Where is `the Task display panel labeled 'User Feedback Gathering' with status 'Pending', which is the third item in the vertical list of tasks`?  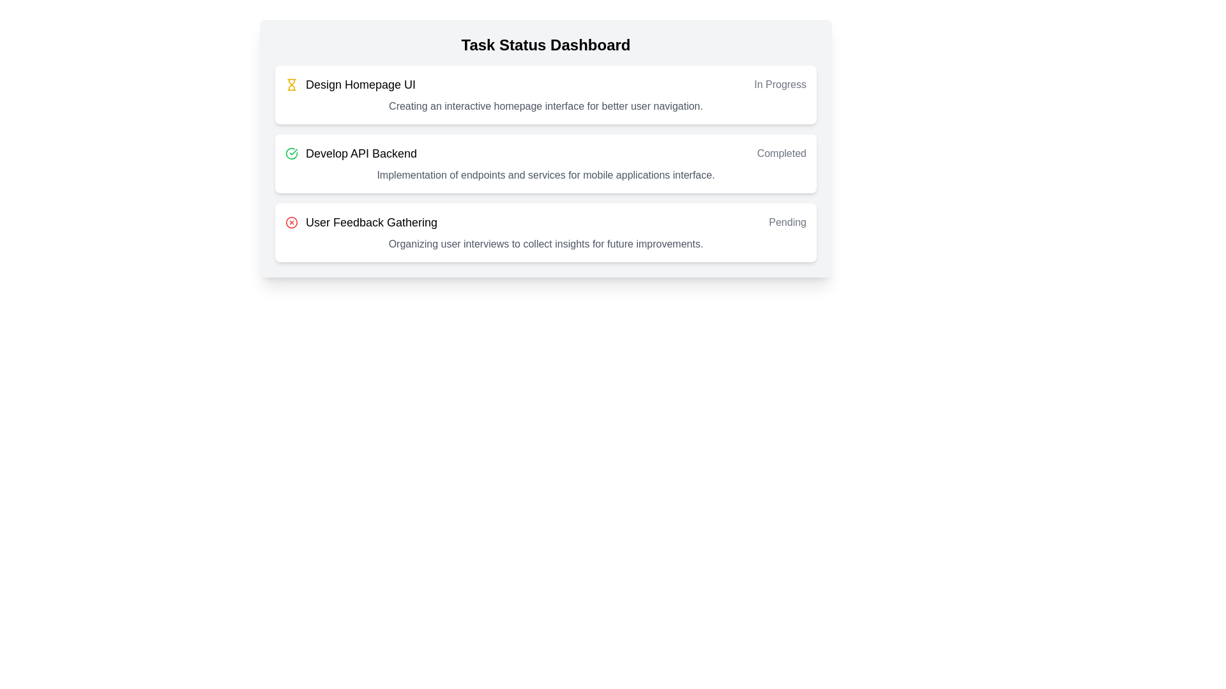 the Task display panel labeled 'User Feedback Gathering' with status 'Pending', which is the third item in the vertical list of tasks is located at coordinates (545, 221).